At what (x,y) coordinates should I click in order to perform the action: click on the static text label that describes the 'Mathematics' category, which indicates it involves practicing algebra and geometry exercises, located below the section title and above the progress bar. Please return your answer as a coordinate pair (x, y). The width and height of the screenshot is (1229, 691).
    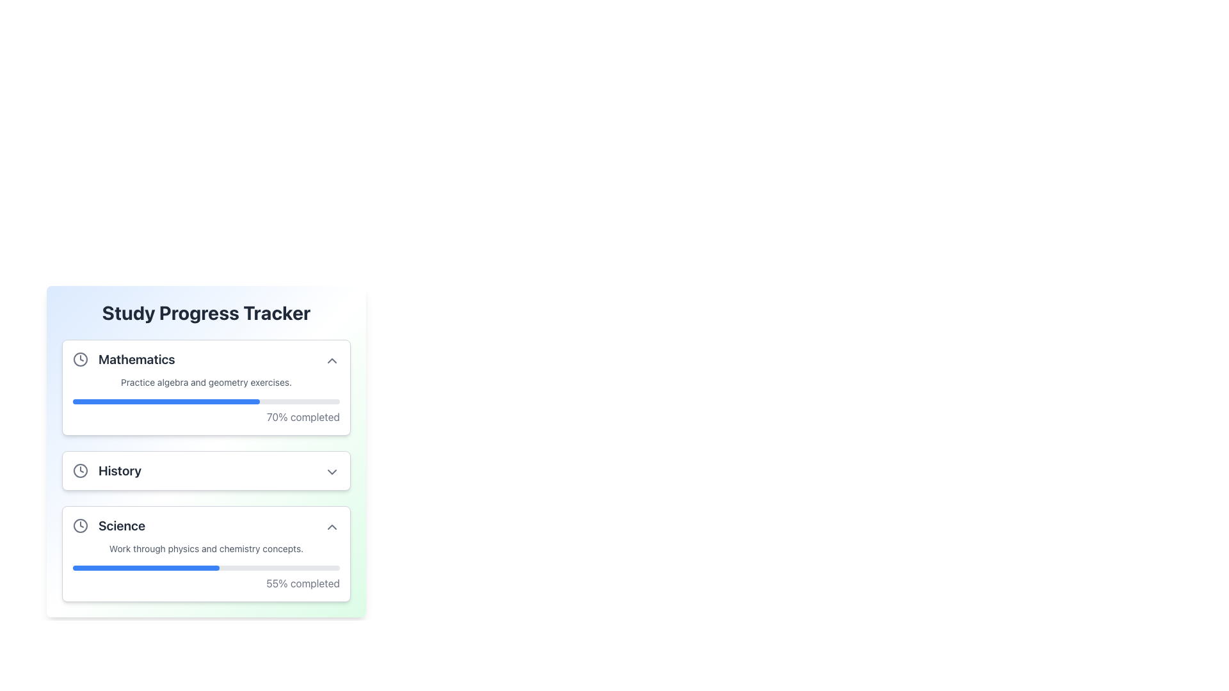
    Looking at the image, I should click on (206, 381).